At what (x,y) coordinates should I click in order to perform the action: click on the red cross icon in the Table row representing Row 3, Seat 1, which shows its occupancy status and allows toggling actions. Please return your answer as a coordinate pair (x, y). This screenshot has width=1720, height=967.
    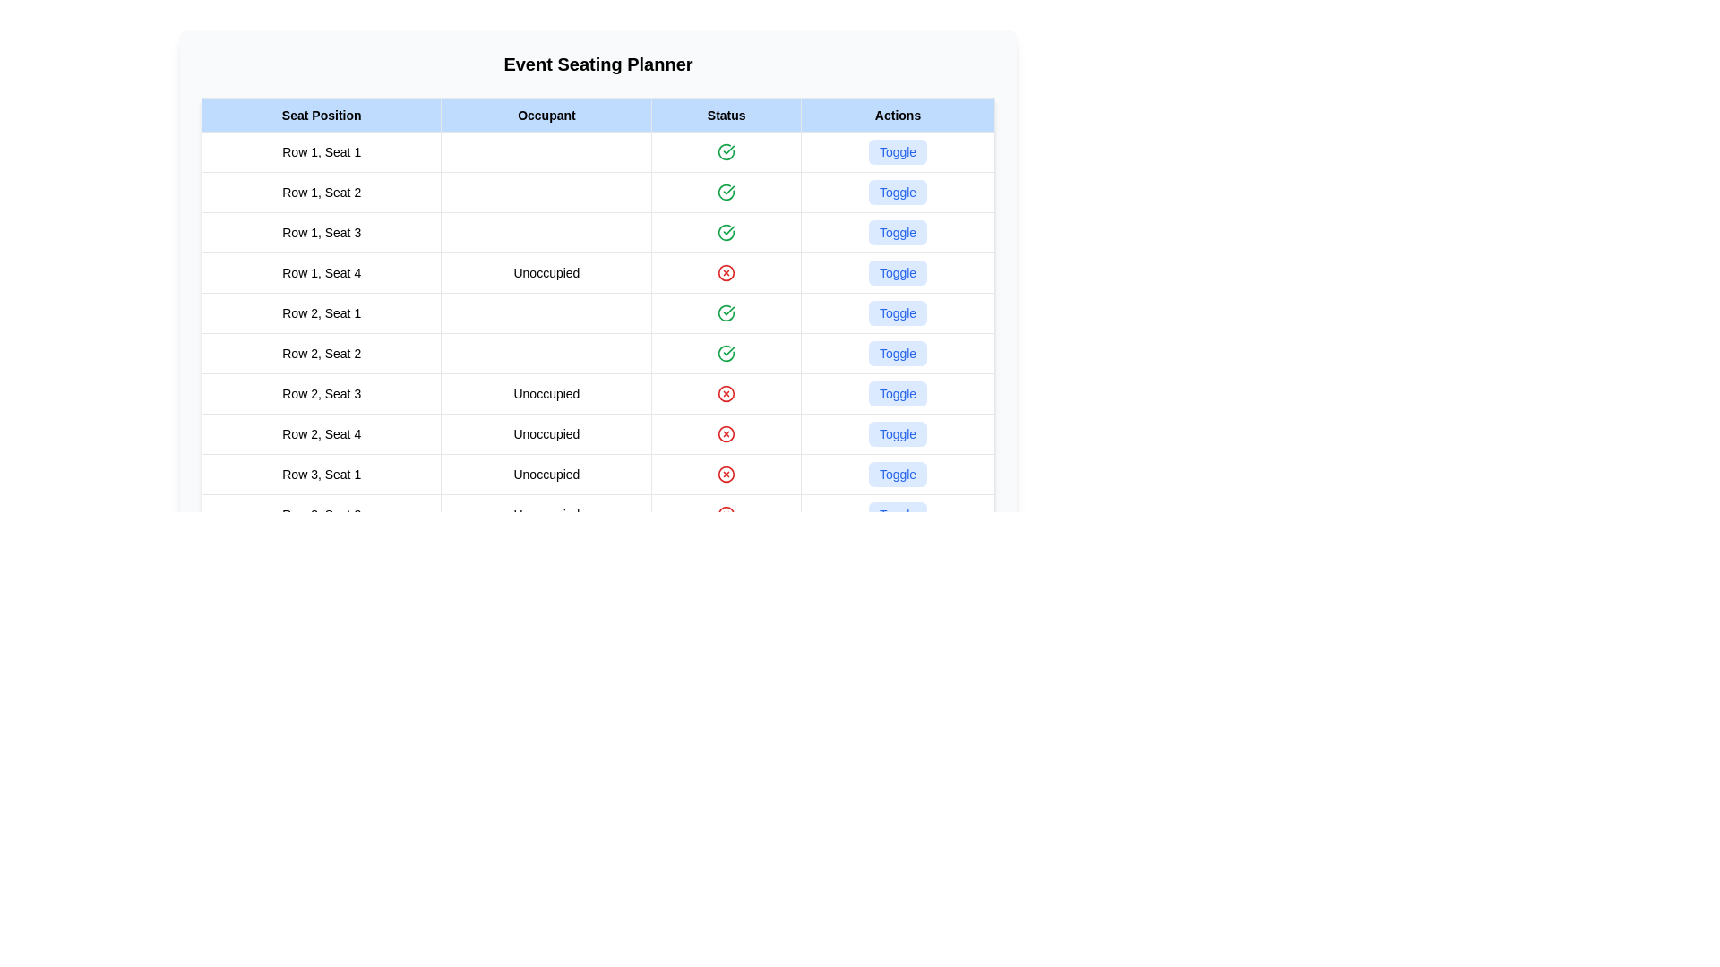
    Looking at the image, I should click on (598, 473).